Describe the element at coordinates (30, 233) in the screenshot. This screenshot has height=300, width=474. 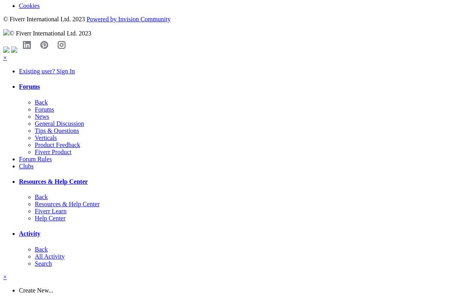
I see `'Activity'` at that location.